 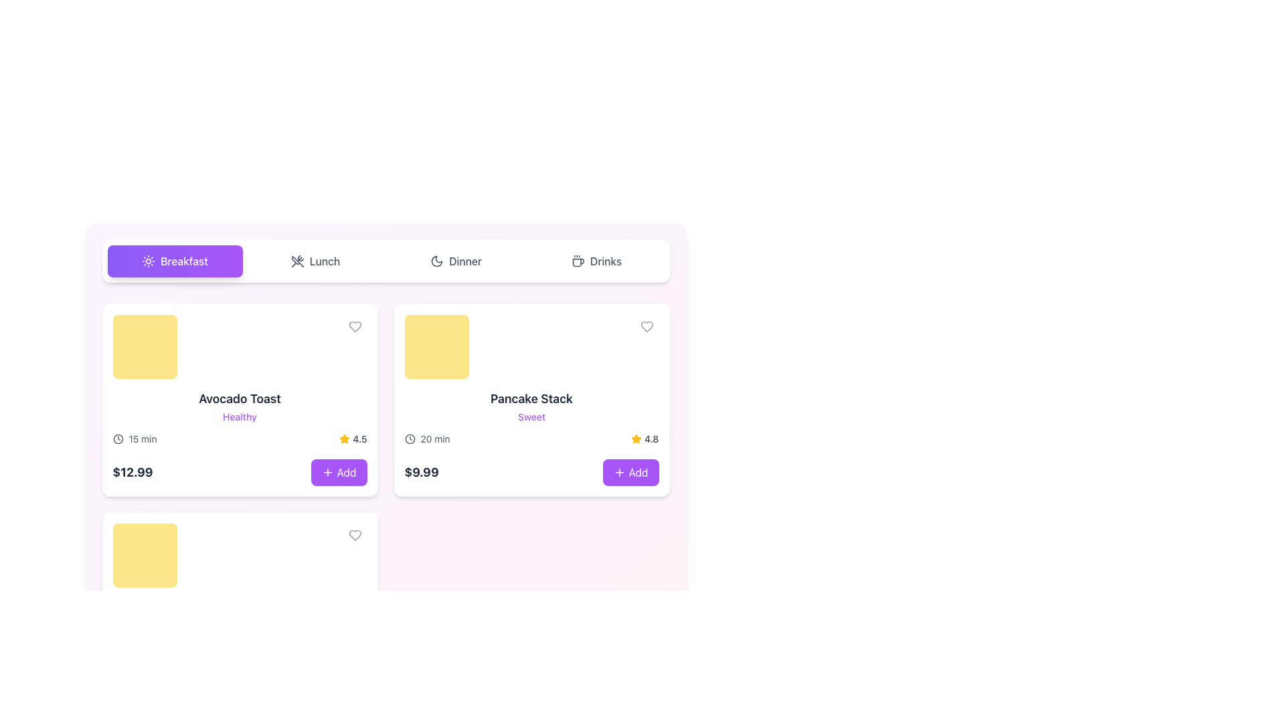 I want to click on the text element representing the name and category of a menu item in the 'Breakfast' section, so click(x=240, y=406).